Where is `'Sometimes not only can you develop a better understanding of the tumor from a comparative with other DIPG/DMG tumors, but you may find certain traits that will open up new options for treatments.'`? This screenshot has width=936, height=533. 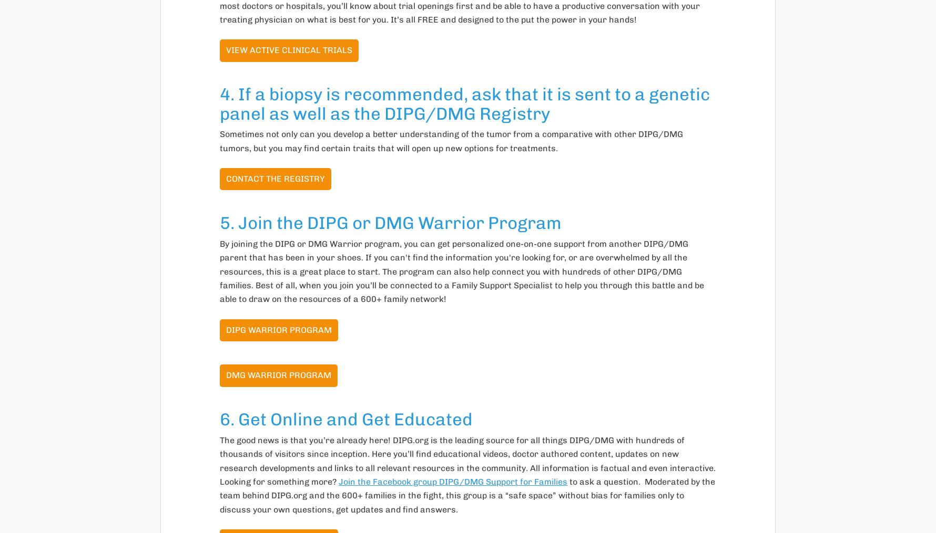 'Sometimes not only can you develop a better understanding of the tumor from a comparative with other DIPG/DMG tumors, but you may find certain traits that will open up new options for treatments.' is located at coordinates (451, 141).